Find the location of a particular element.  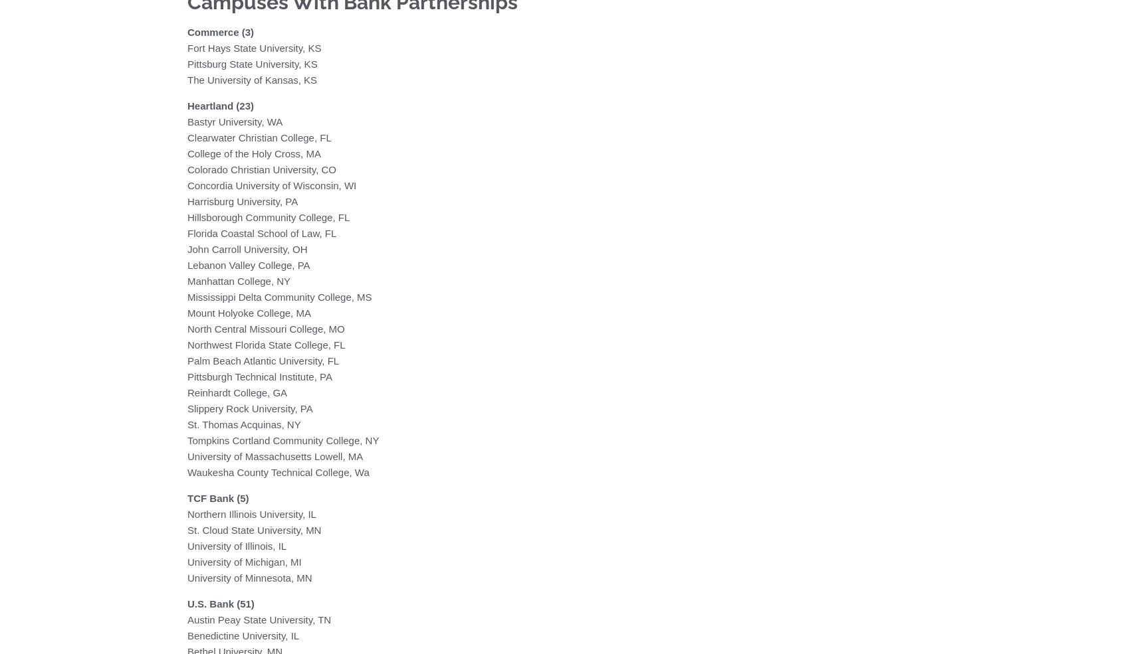

'Heartland (23)' is located at coordinates (221, 105).